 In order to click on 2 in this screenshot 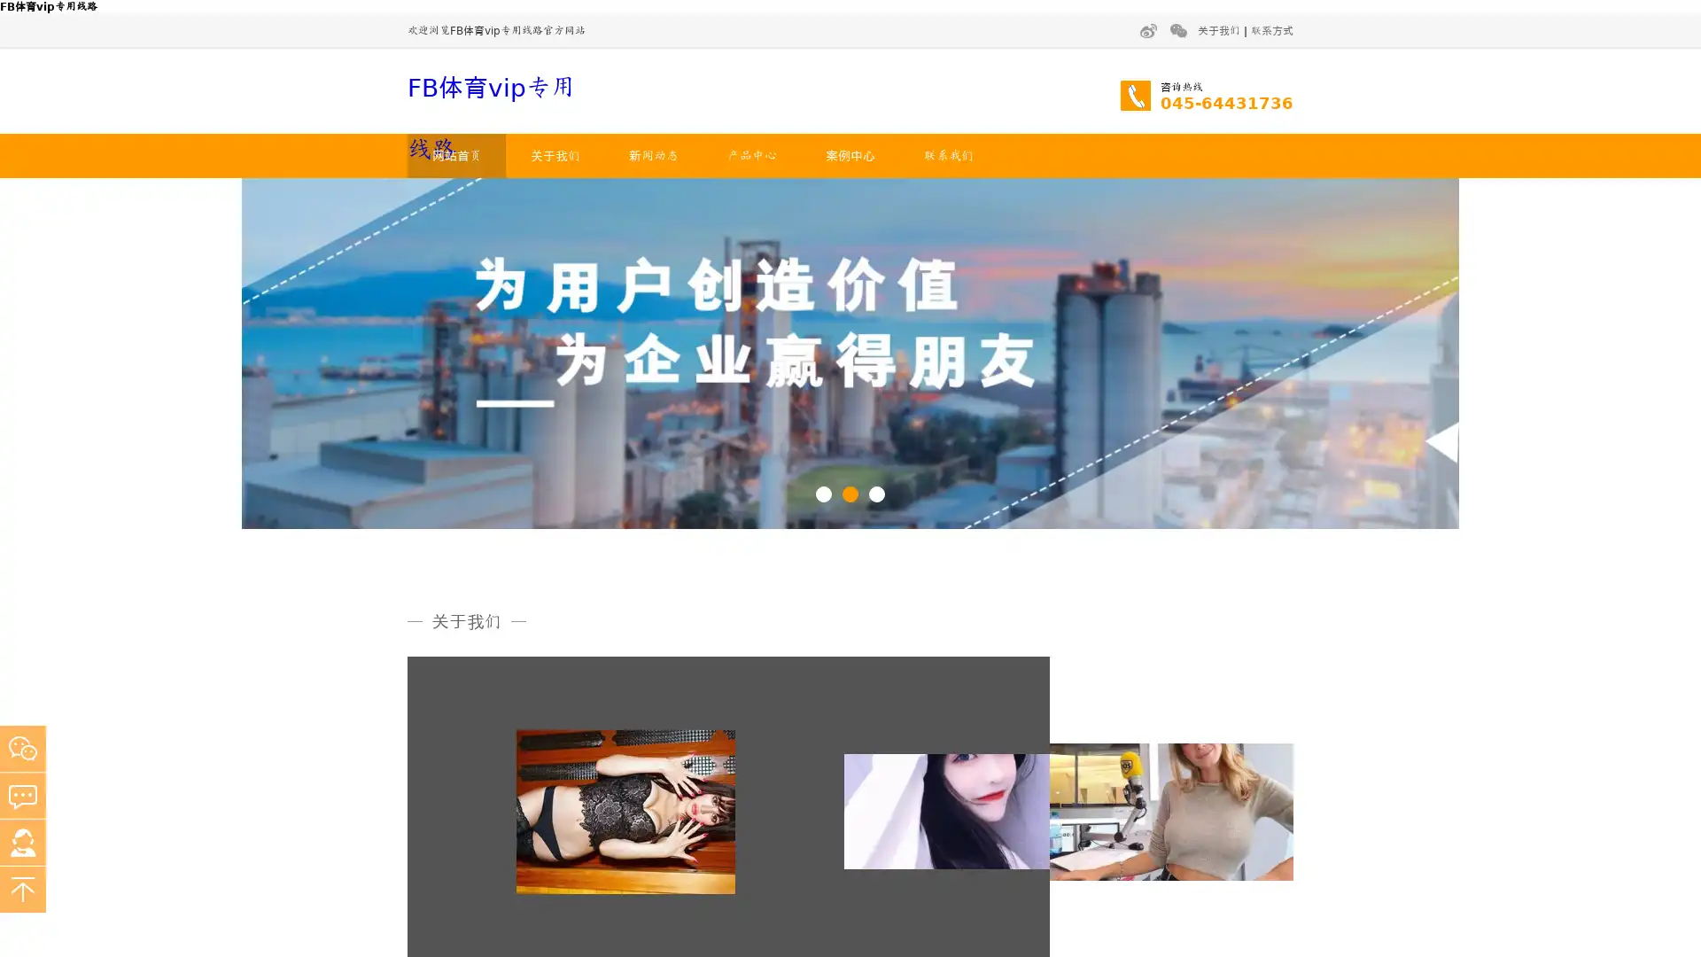, I will do `click(850, 493)`.